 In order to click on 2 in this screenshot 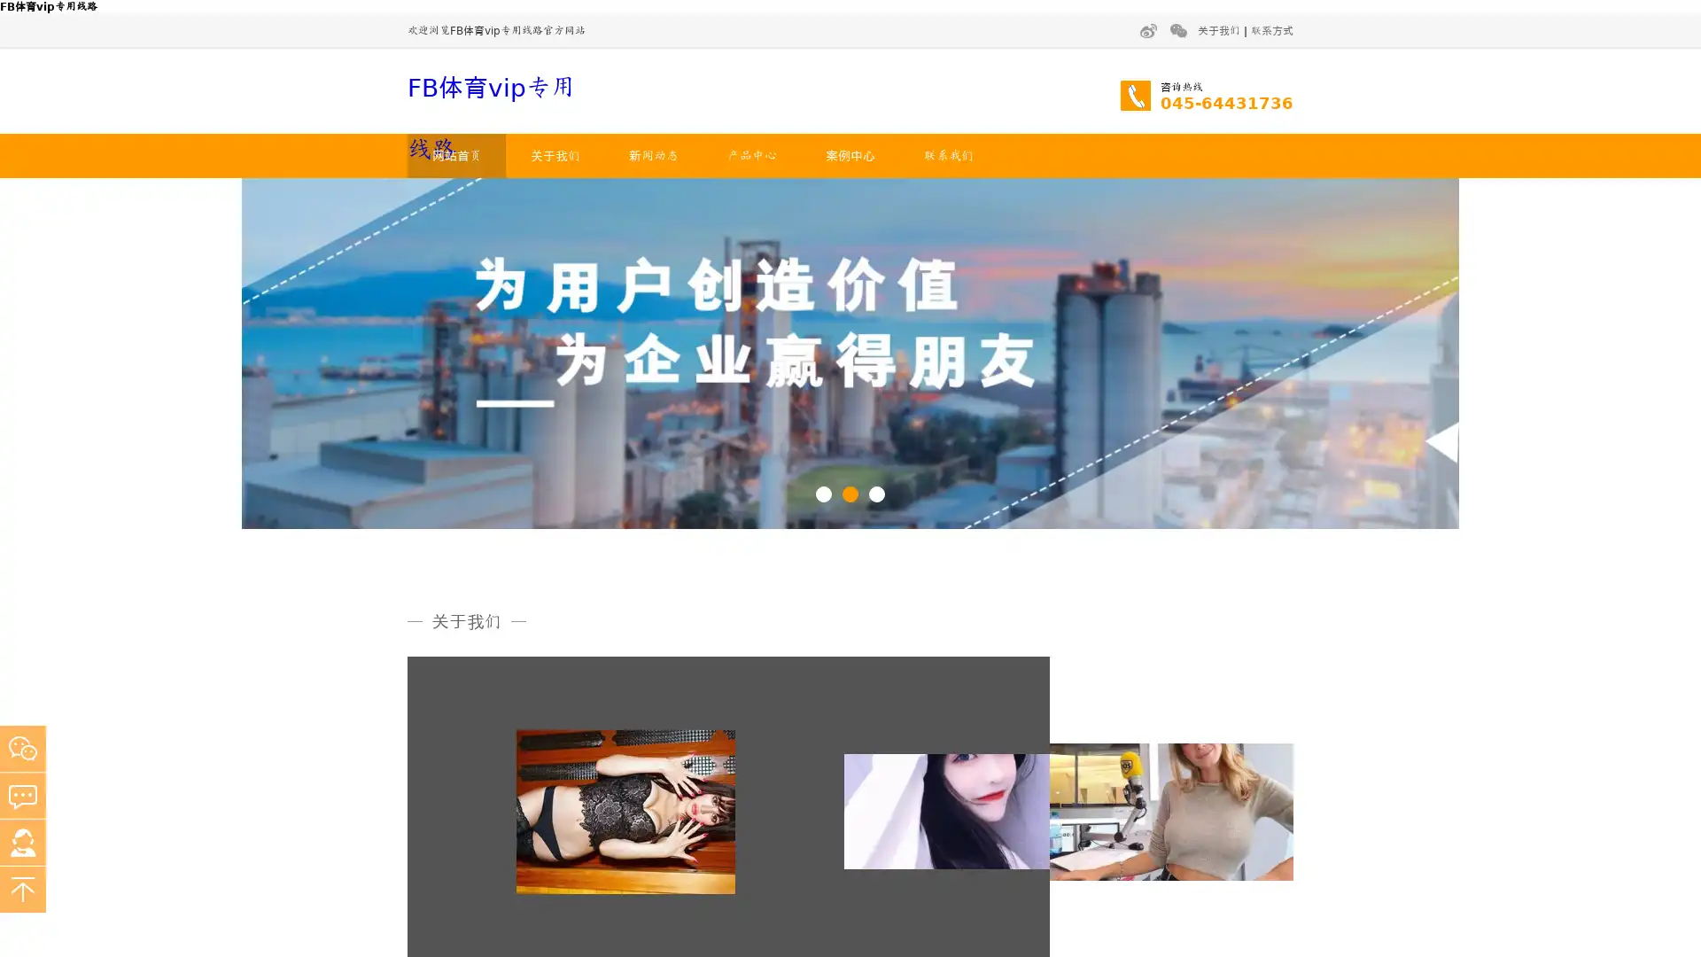, I will do `click(850, 493)`.